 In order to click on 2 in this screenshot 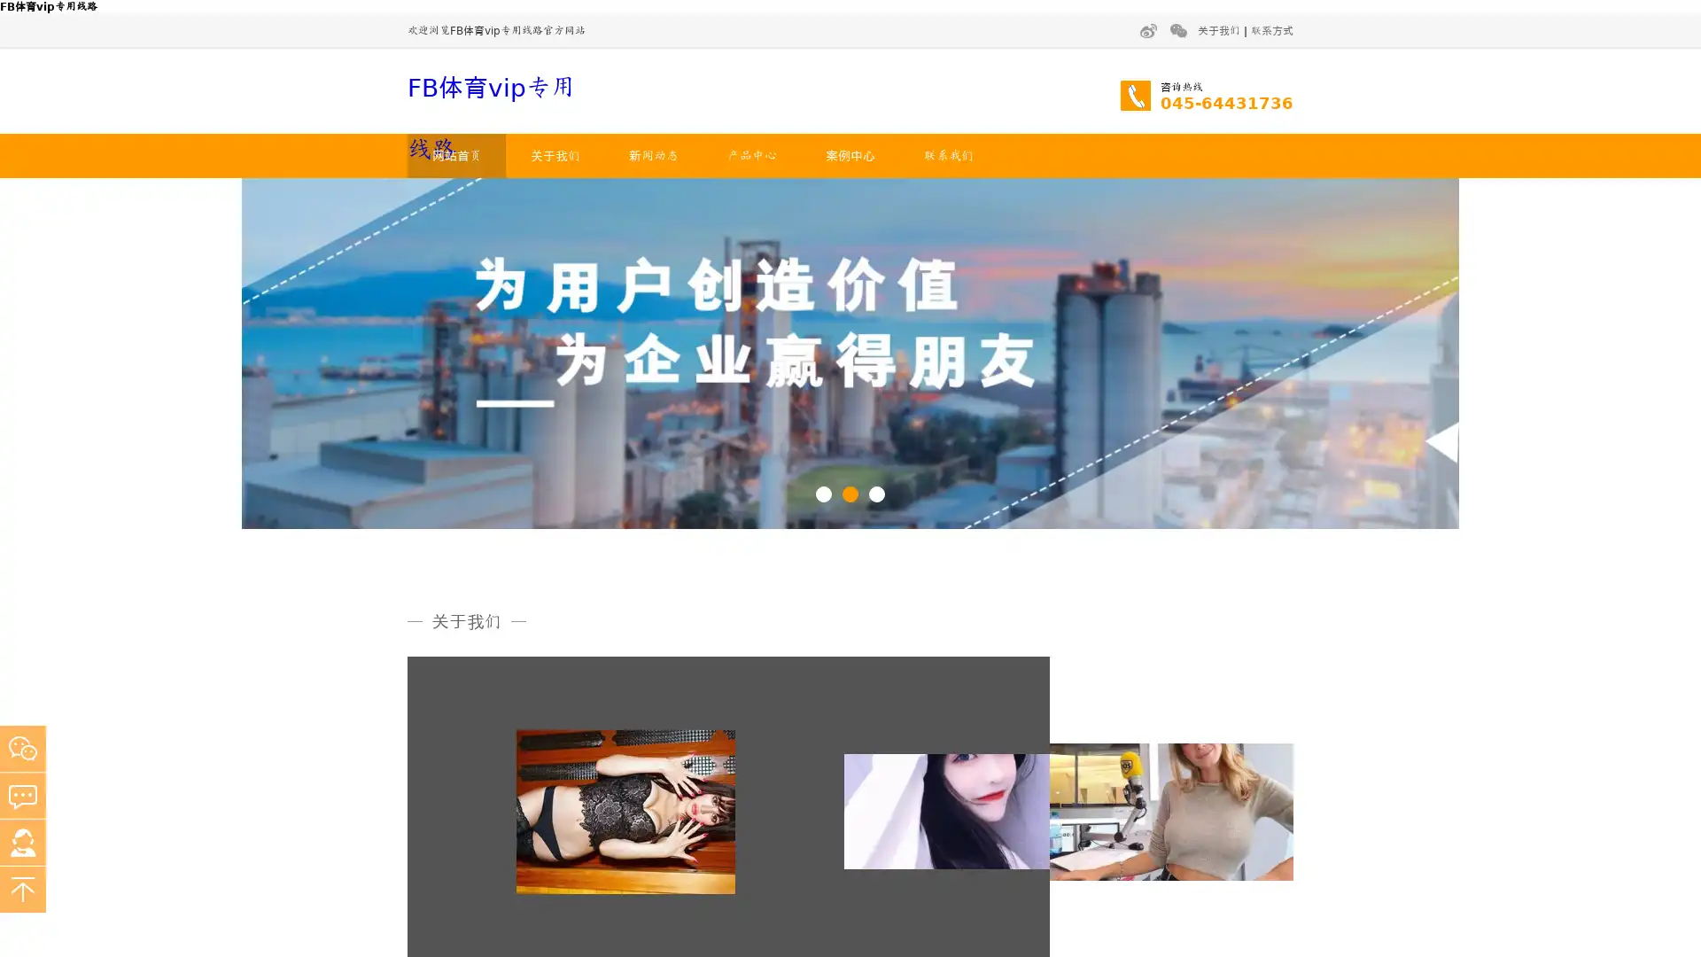, I will do `click(850, 493)`.